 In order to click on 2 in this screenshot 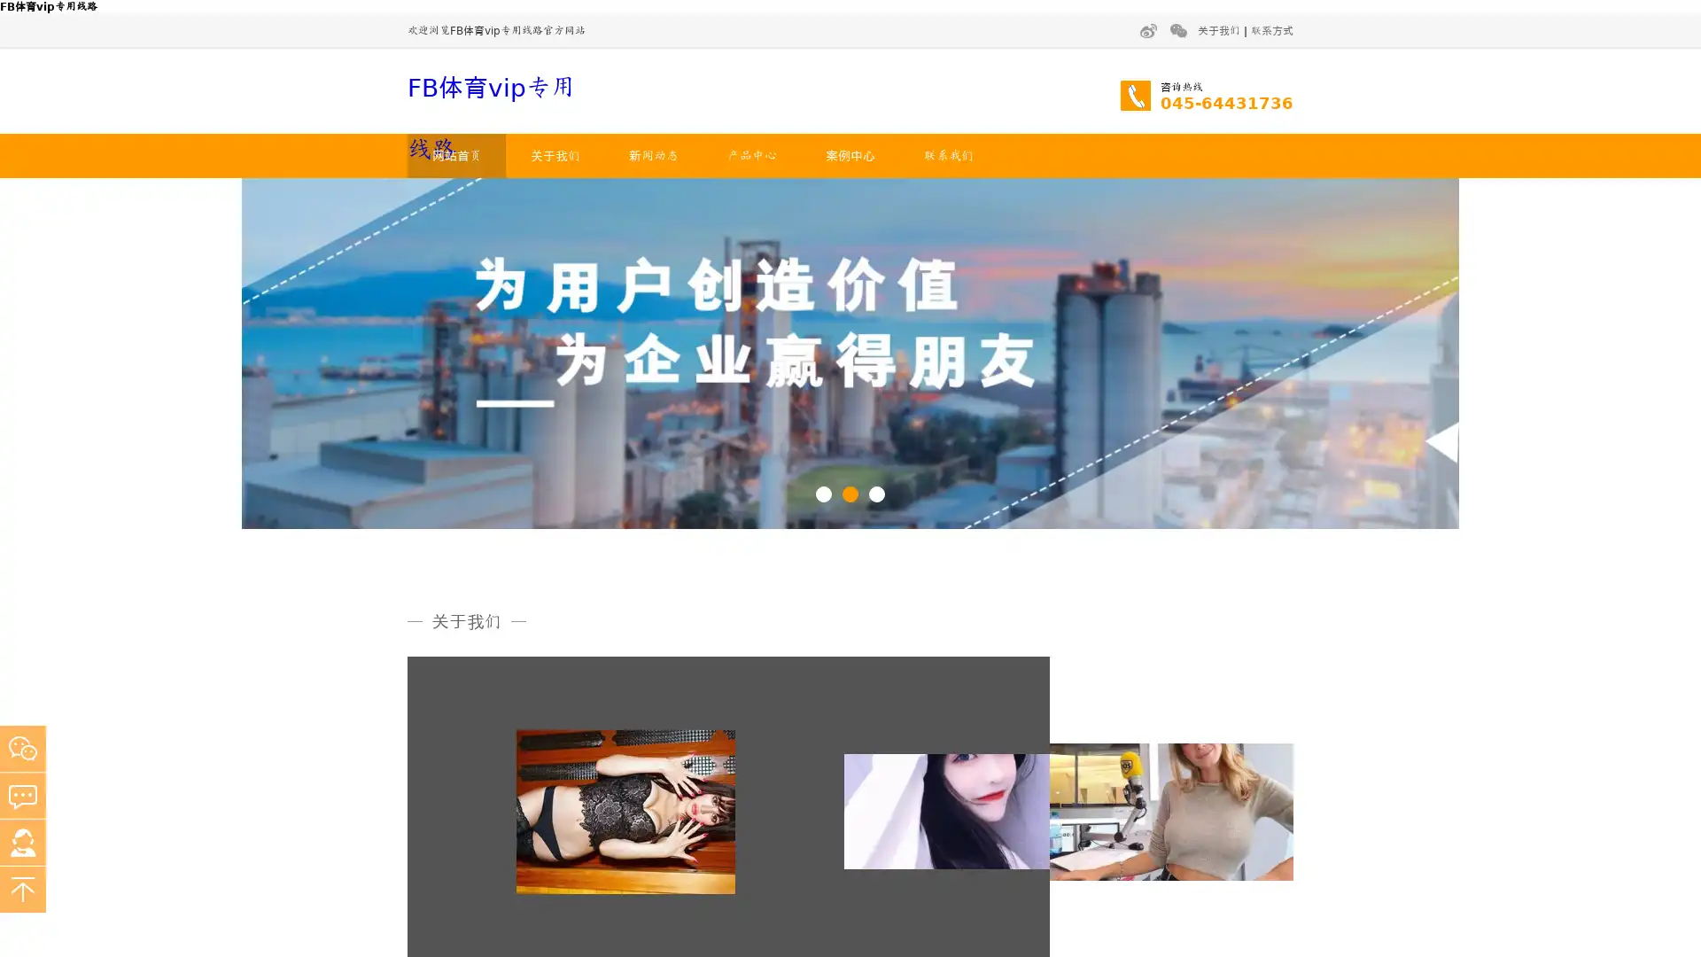, I will do `click(850, 493)`.